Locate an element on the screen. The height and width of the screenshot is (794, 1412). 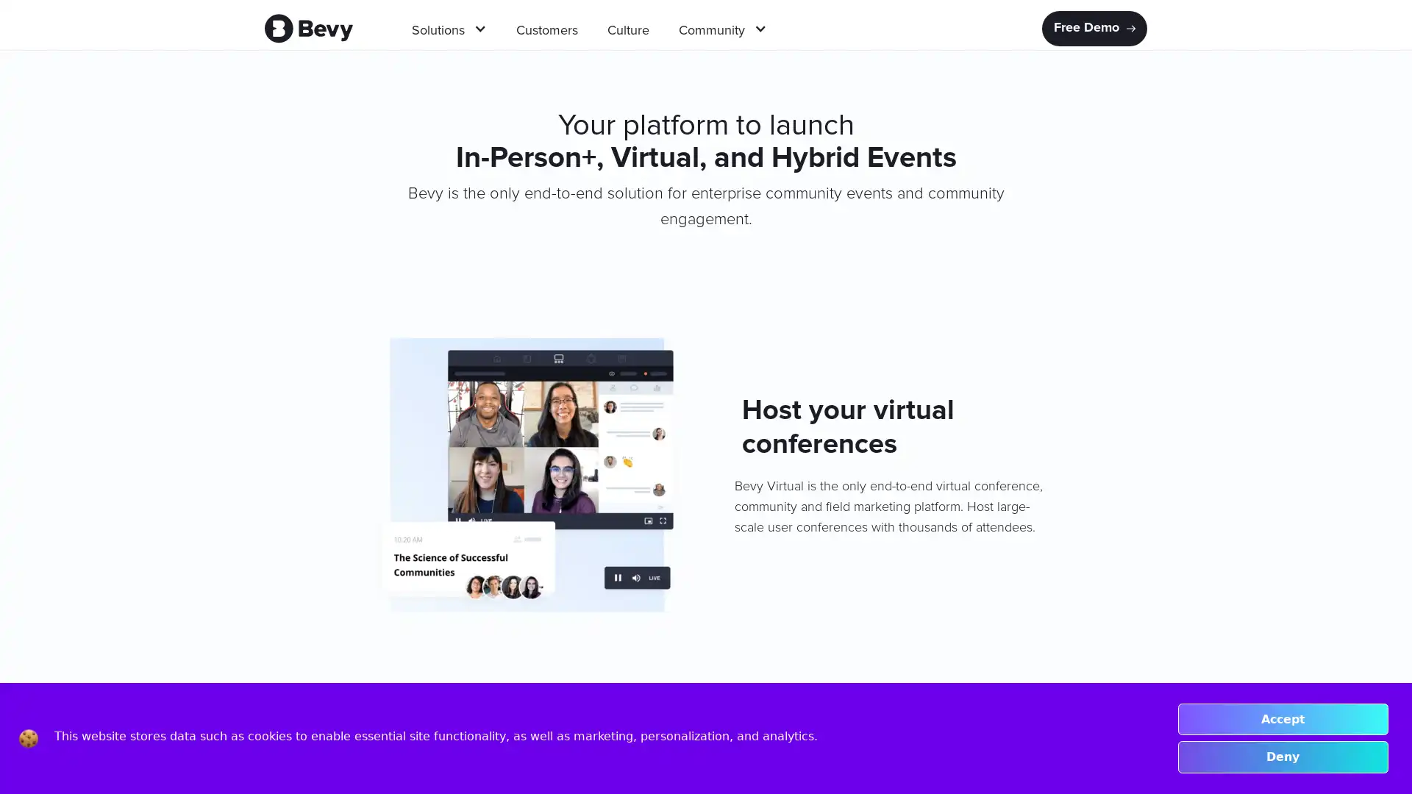
Deny is located at coordinates (1282, 757).